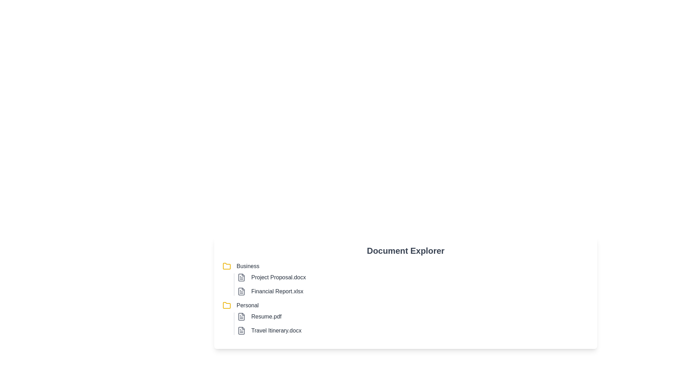 This screenshot has height=378, width=673. I want to click on the small document icon, which is gray and has text lines, located to the left of 'Travel Itinerary.docx' in the 'Personal' category, so click(242, 331).